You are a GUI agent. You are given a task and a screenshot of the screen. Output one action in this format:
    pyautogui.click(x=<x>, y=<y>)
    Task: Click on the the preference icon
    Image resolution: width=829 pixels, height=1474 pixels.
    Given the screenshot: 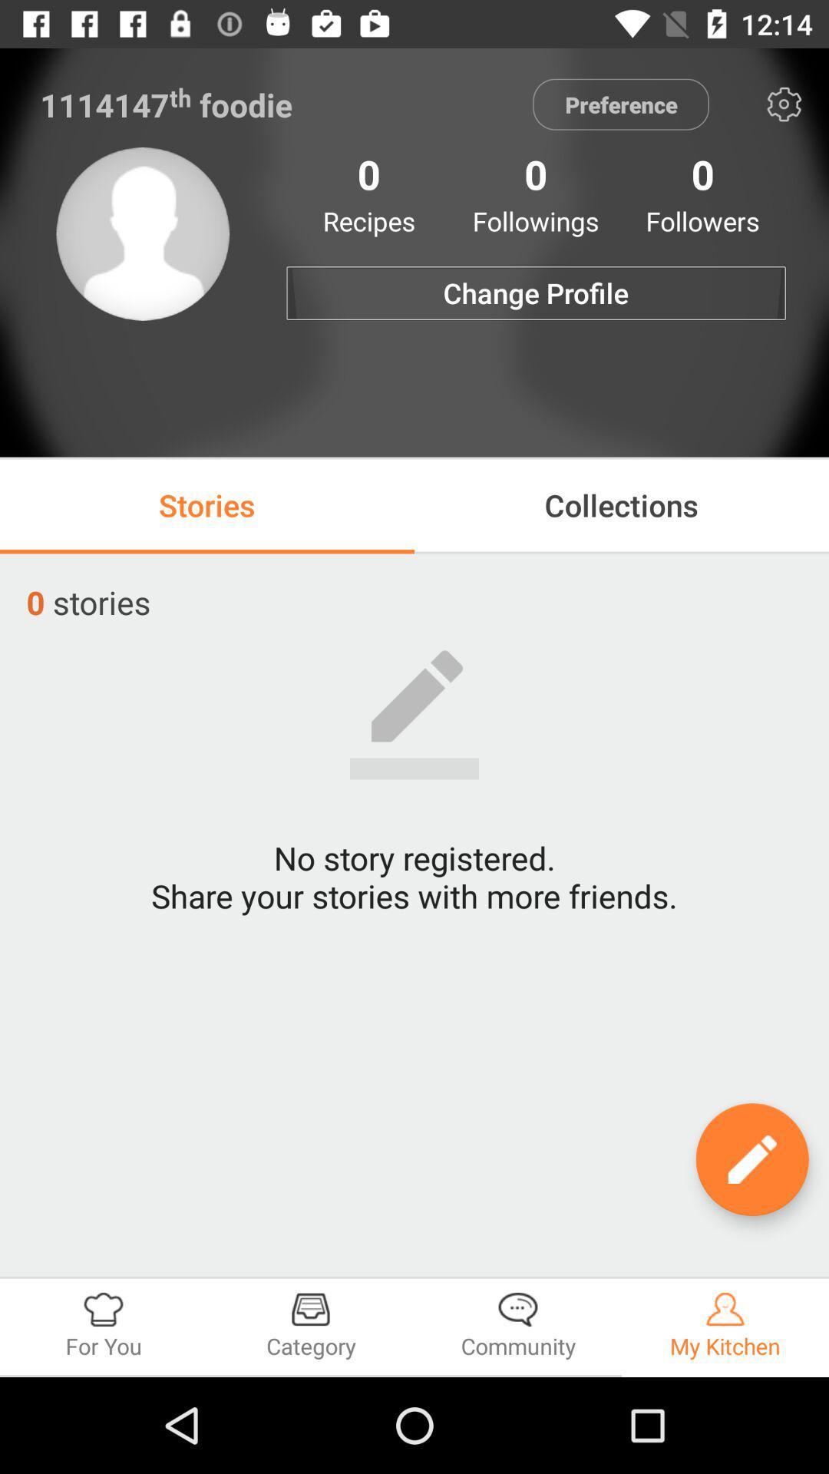 What is the action you would take?
    pyautogui.click(x=620, y=104)
    